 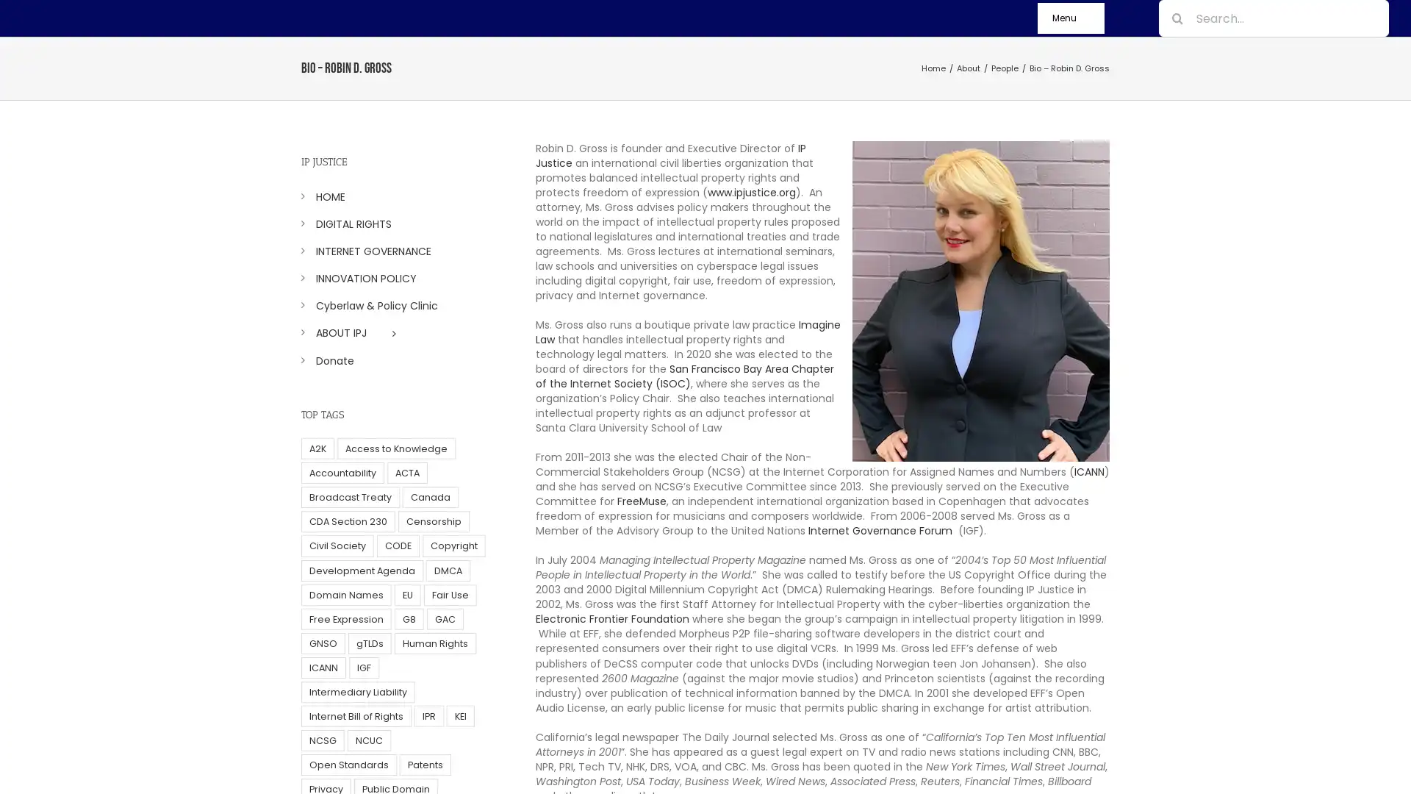 What do you see at coordinates (1177, 23) in the screenshot?
I see `Search` at bounding box center [1177, 23].